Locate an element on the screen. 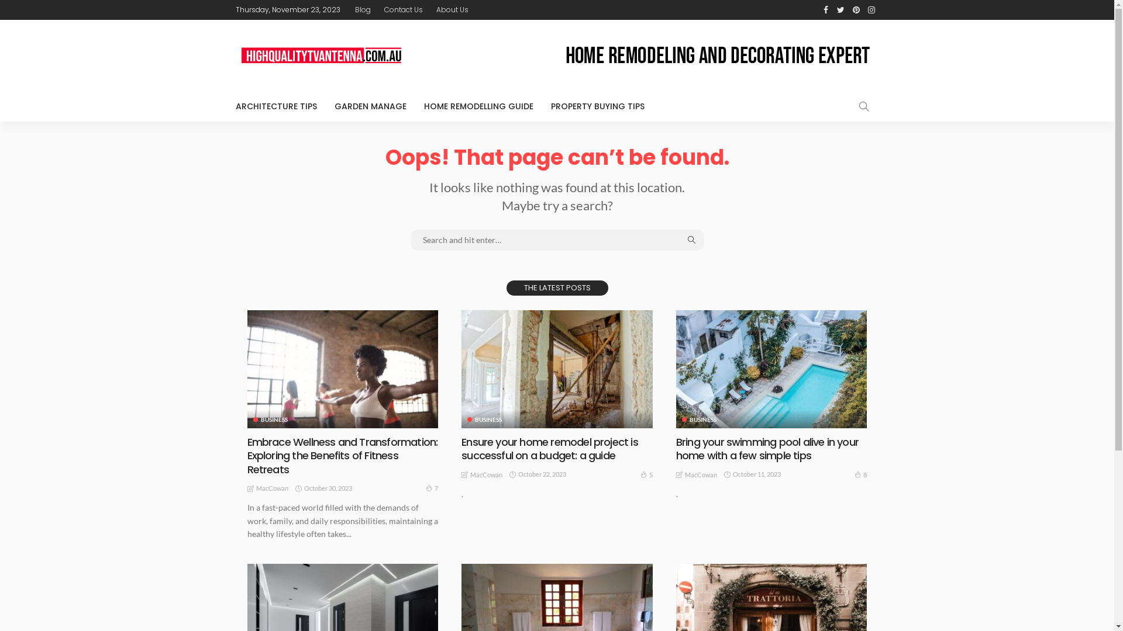 The width and height of the screenshot is (1123, 631). 'search for:' is located at coordinates (556, 240).